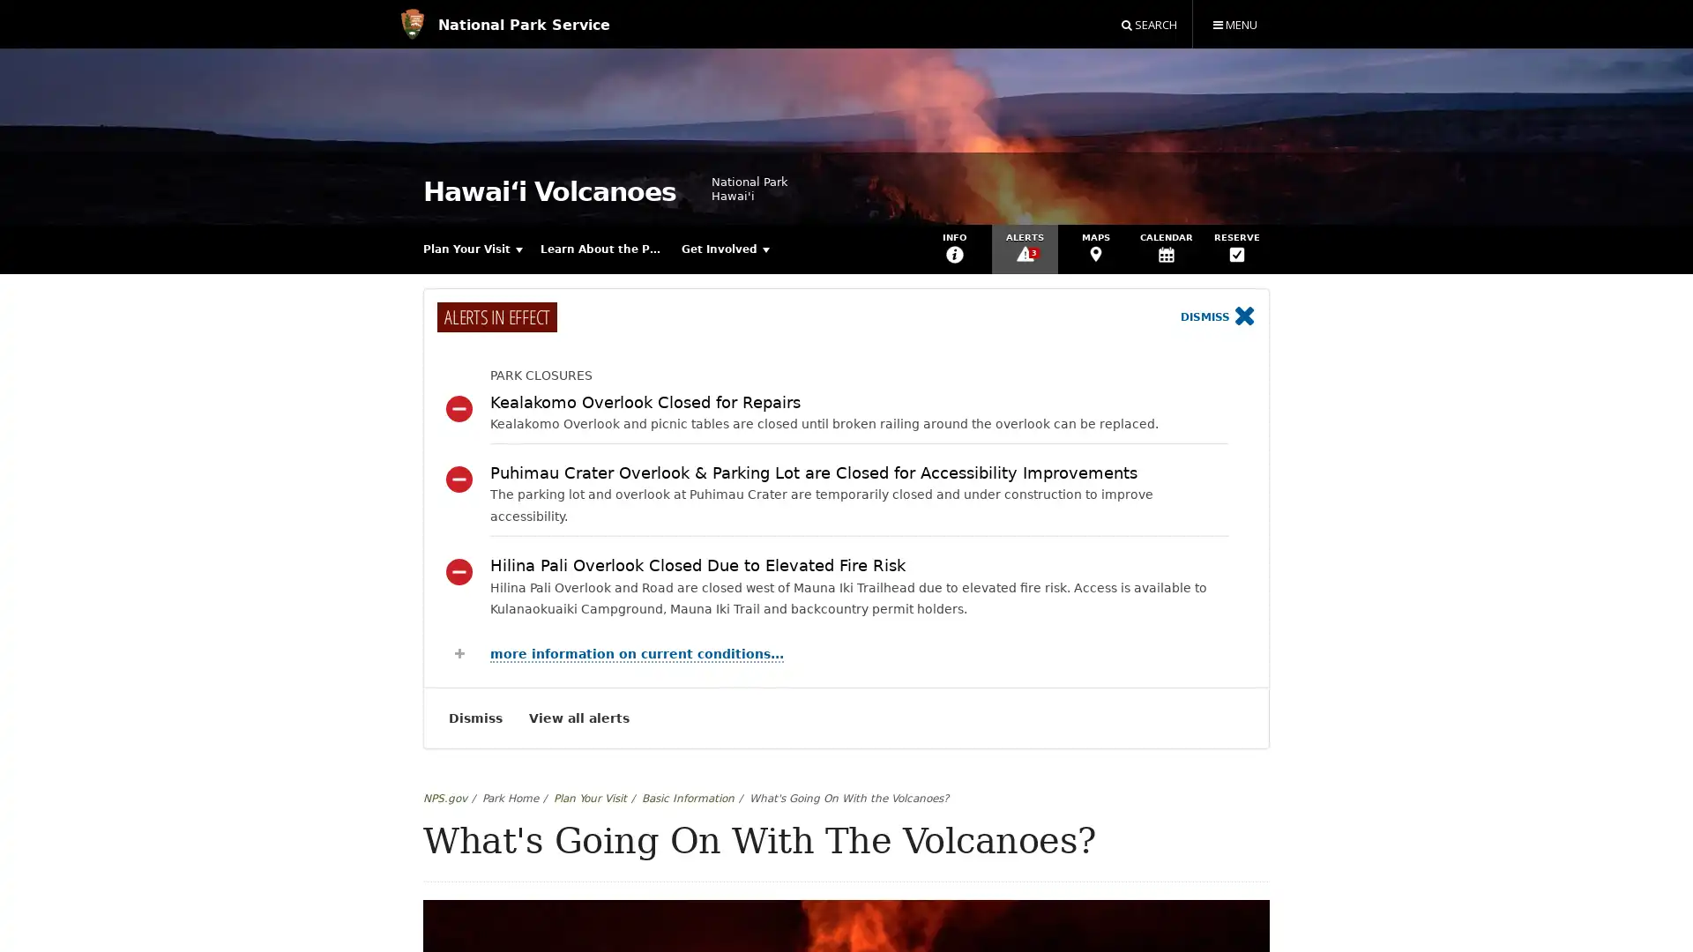 This screenshot has width=1693, height=952. What do you see at coordinates (475, 718) in the screenshot?
I see `Dismiss Alerts Notification` at bounding box center [475, 718].